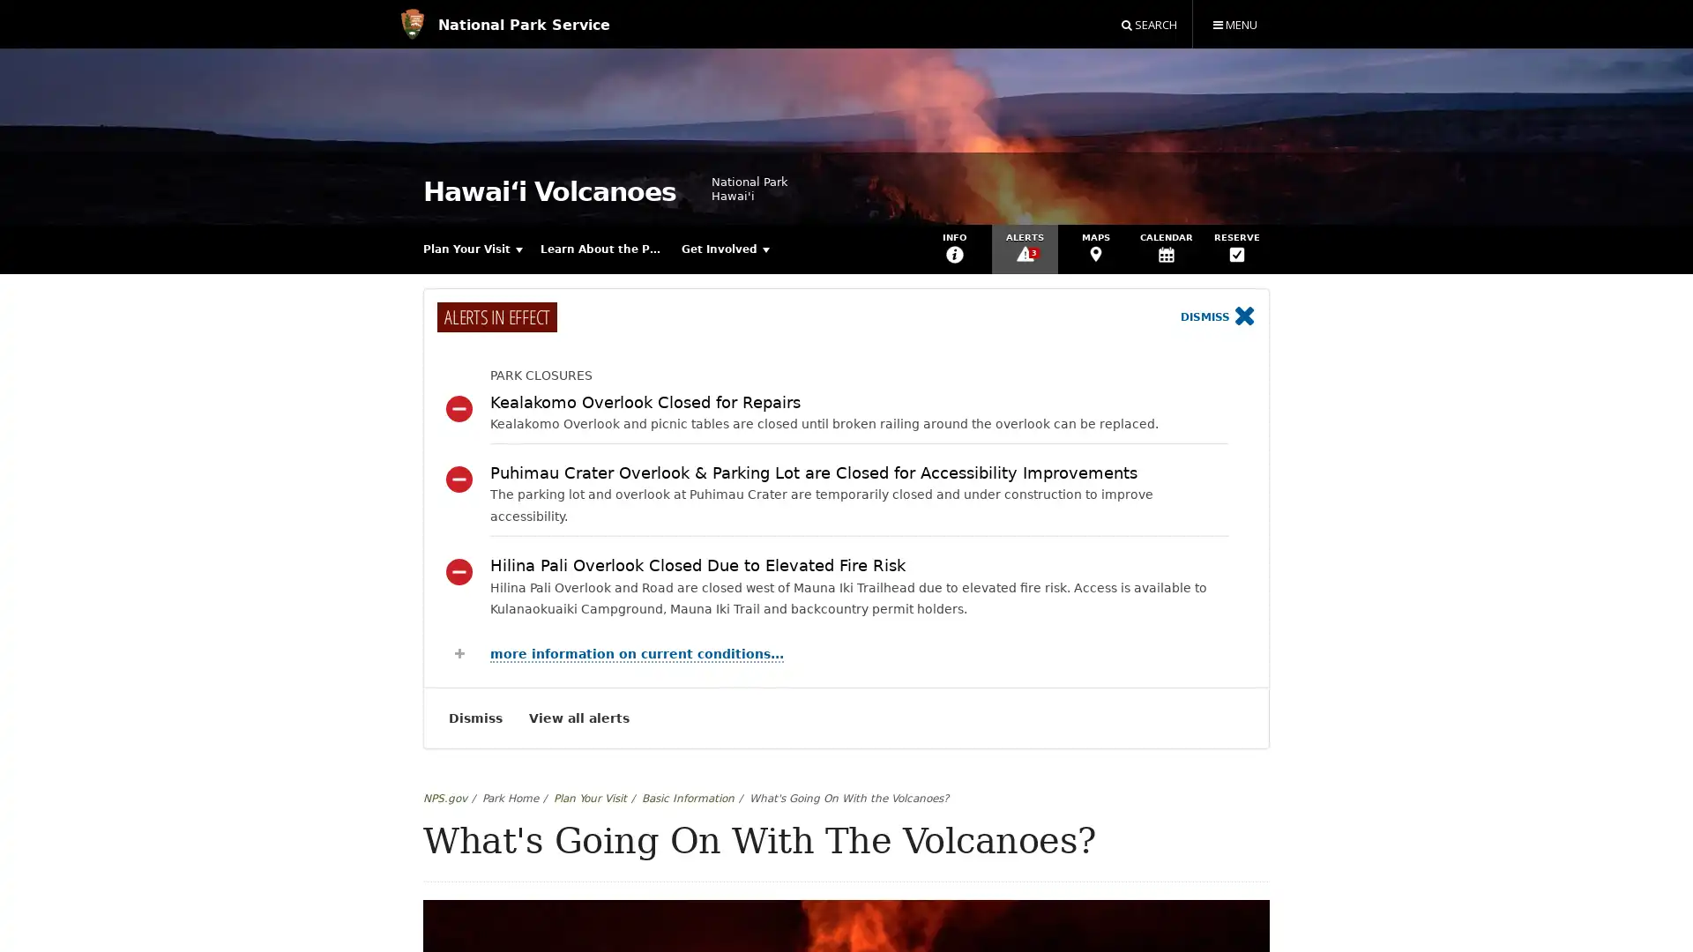 This screenshot has width=1693, height=952. What do you see at coordinates (475, 718) in the screenshot?
I see `Dismiss Alerts Notification` at bounding box center [475, 718].